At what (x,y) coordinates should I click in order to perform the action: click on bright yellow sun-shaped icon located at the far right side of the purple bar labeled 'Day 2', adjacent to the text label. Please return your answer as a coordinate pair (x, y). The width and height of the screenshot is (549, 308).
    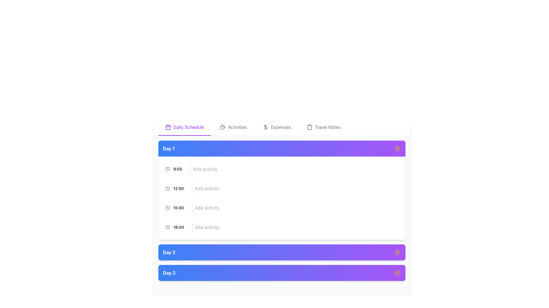
    Looking at the image, I should click on (397, 252).